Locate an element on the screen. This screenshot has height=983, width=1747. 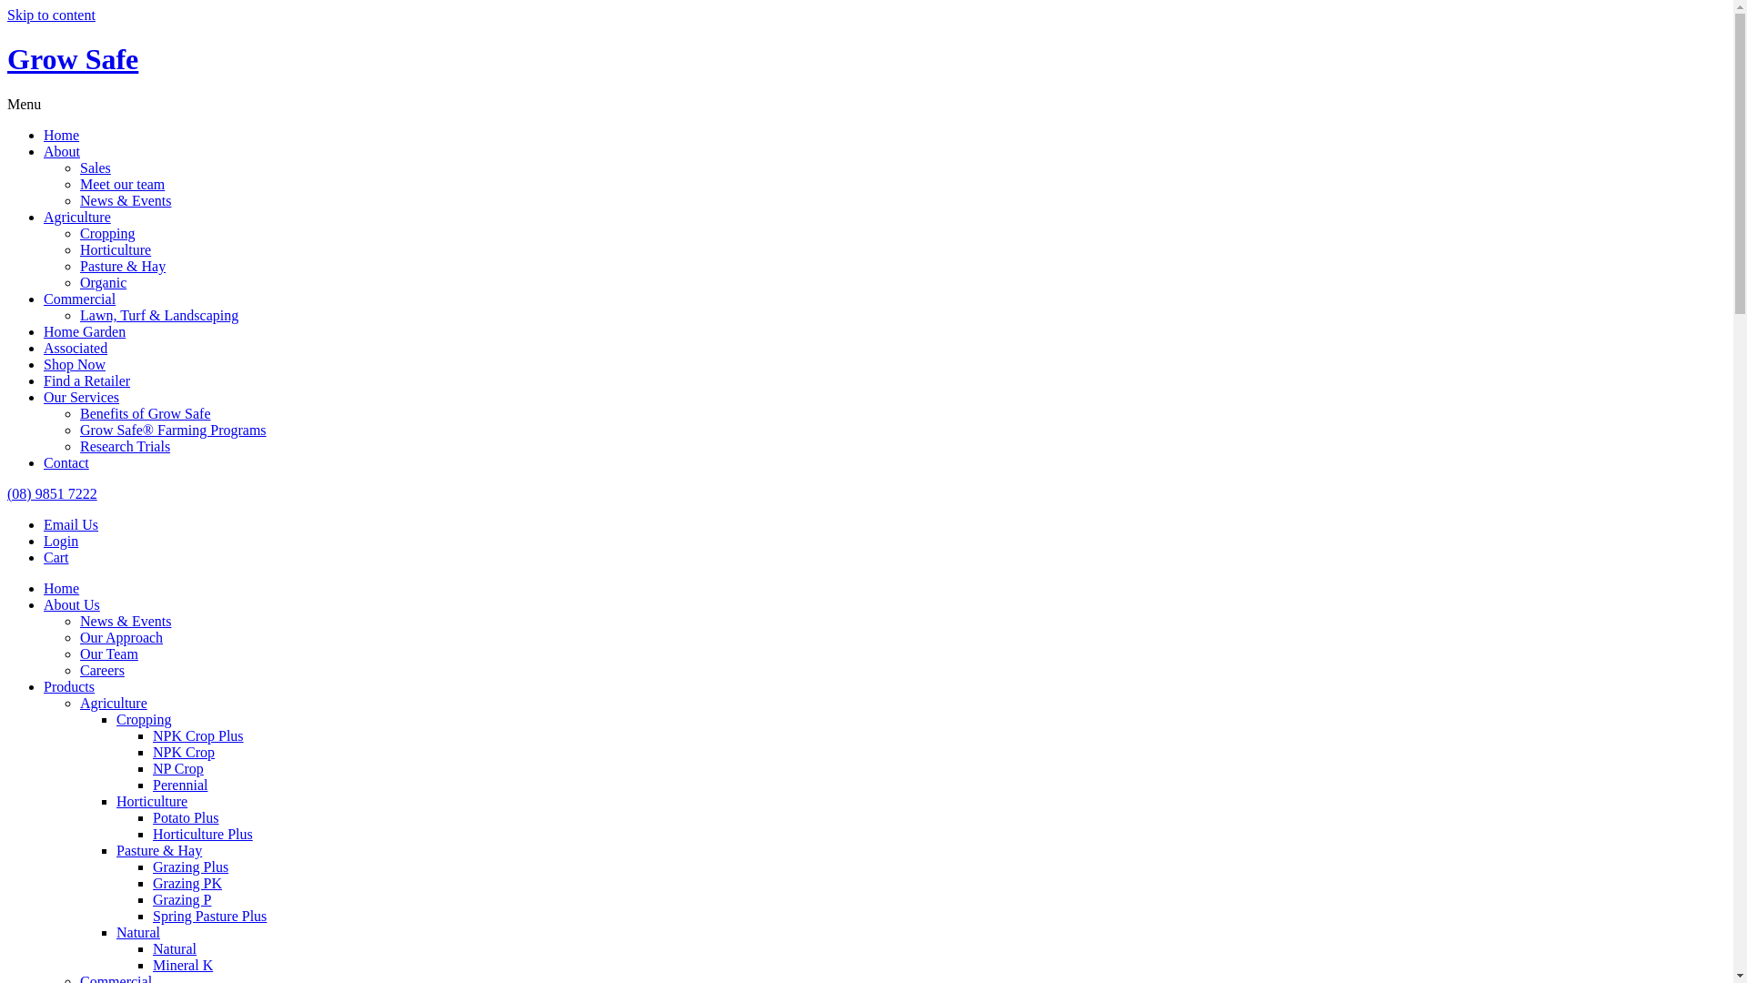
'Shop Now' is located at coordinates (73, 364).